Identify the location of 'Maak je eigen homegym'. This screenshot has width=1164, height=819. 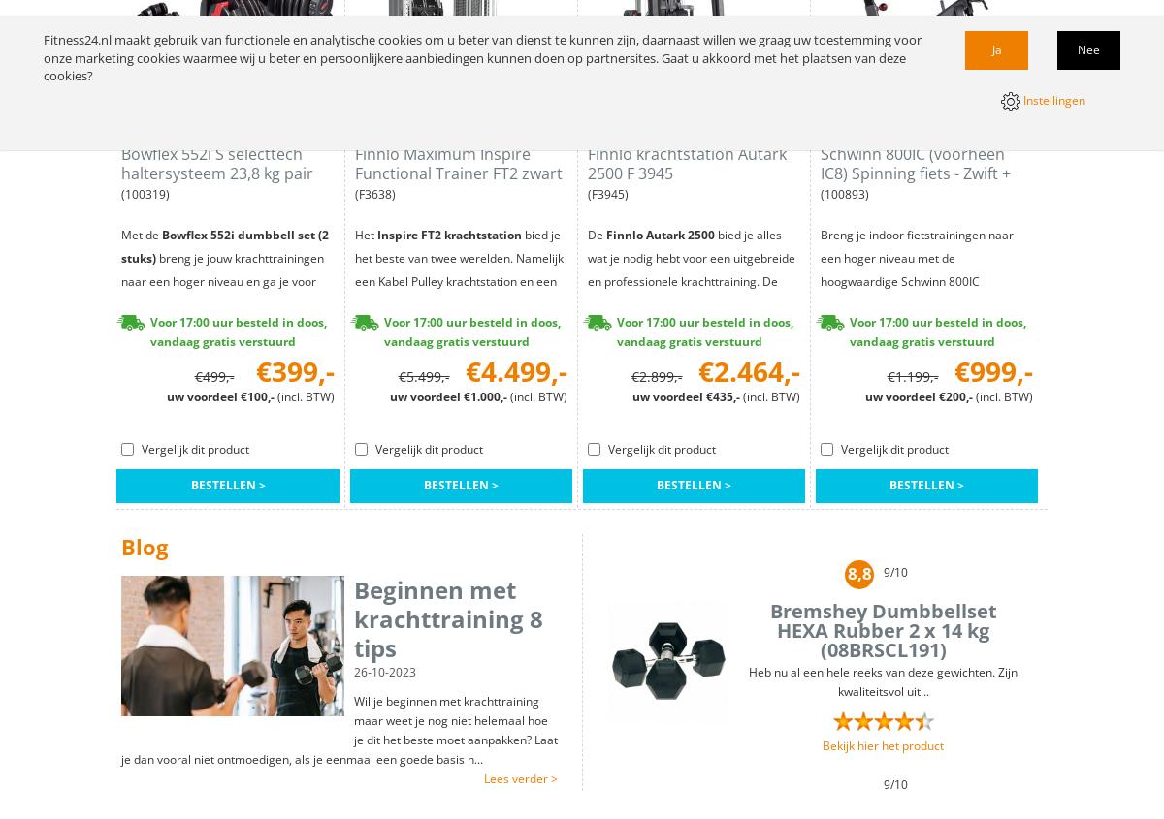
(933, 53).